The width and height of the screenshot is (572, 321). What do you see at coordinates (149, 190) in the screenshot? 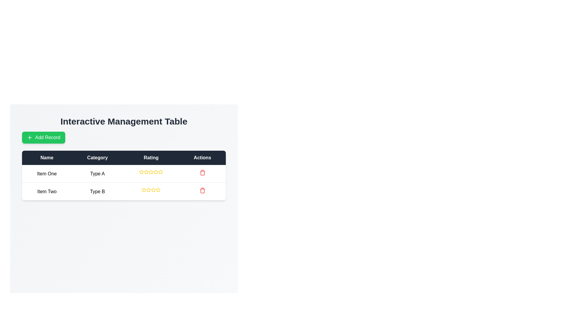
I see `the second star icon in the rating system for 'Item Two', which is filled with yellow and has sharp edges` at bounding box center [149, 190].